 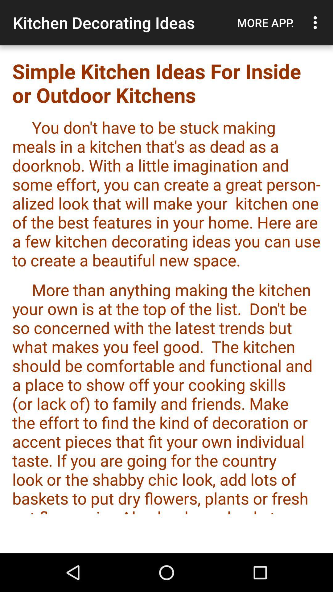 I want to click on item above simple kitchen ideas icon, so click(x=317, y=23).